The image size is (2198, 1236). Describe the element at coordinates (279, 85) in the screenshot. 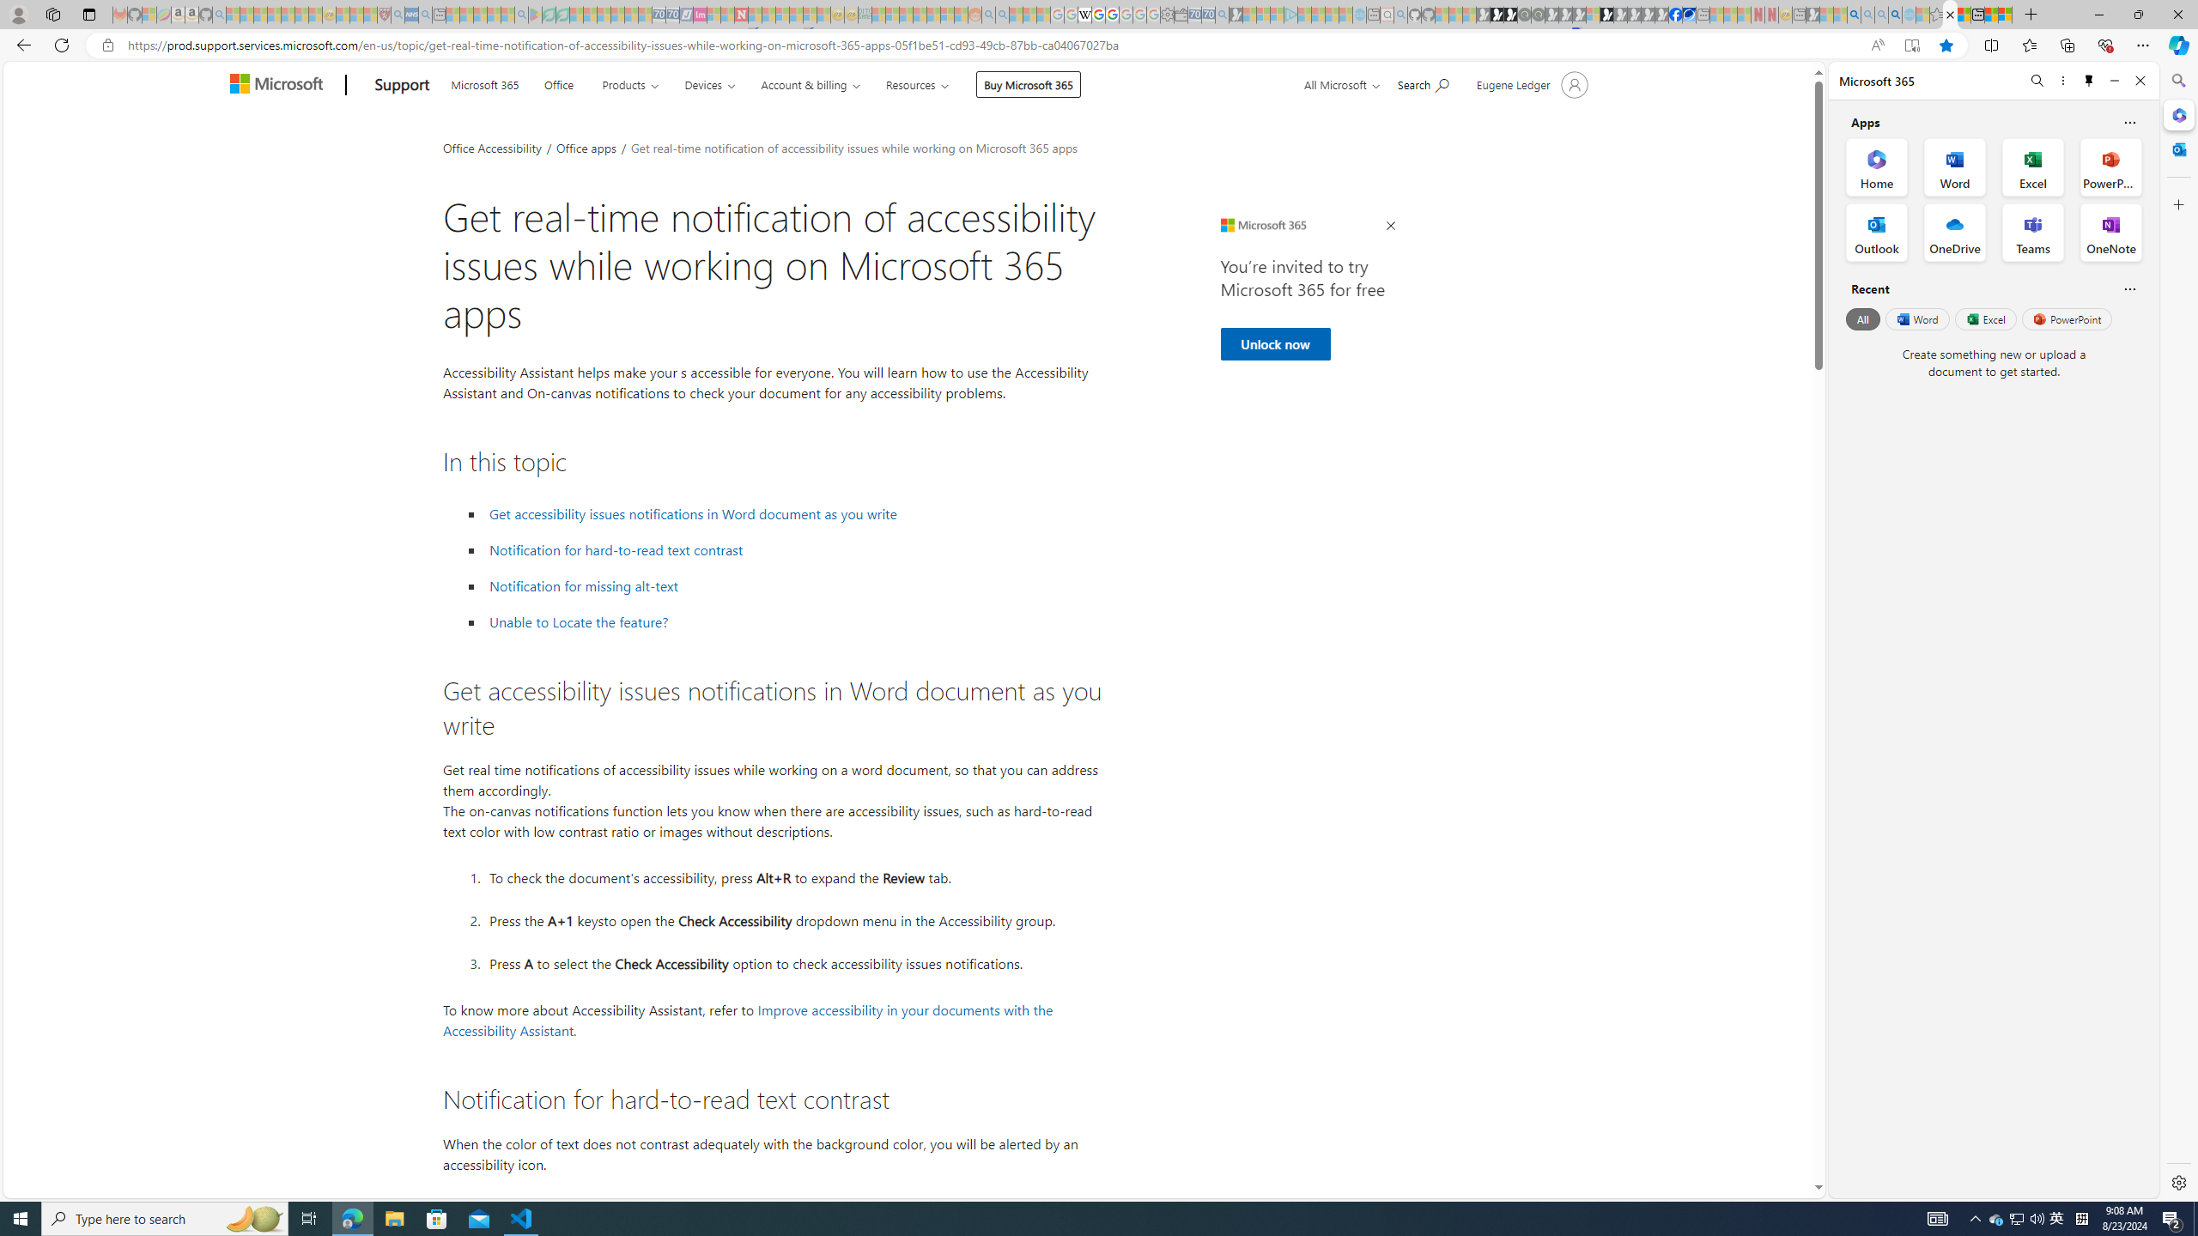

I see `'Microsoft'` at that location.